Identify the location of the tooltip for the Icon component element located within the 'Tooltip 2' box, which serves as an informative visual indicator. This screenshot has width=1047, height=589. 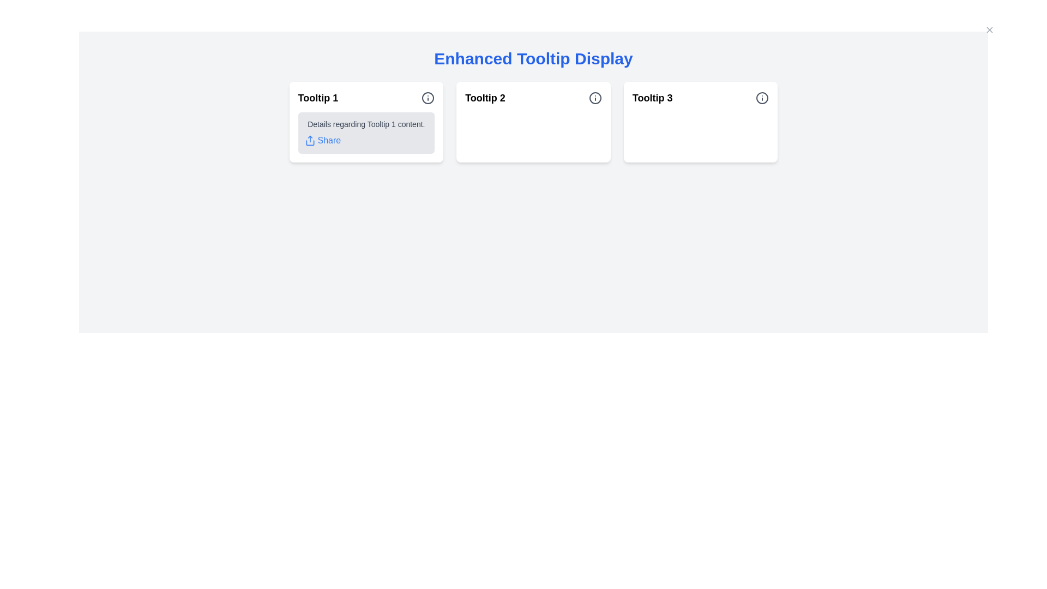
(594, 98).